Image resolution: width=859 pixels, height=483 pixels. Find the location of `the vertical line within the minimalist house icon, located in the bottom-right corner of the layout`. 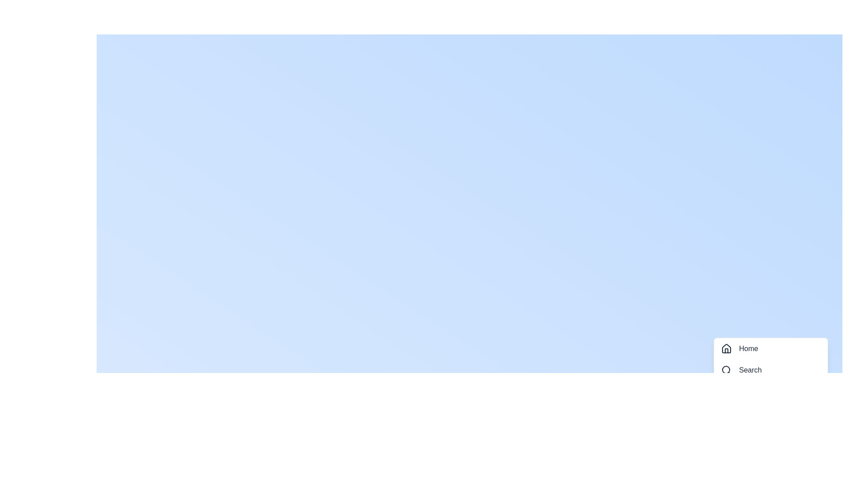

the vertical line within the minimalist house icon, located in the bottom-right corner of the layout is located at coordinates (726, 350).